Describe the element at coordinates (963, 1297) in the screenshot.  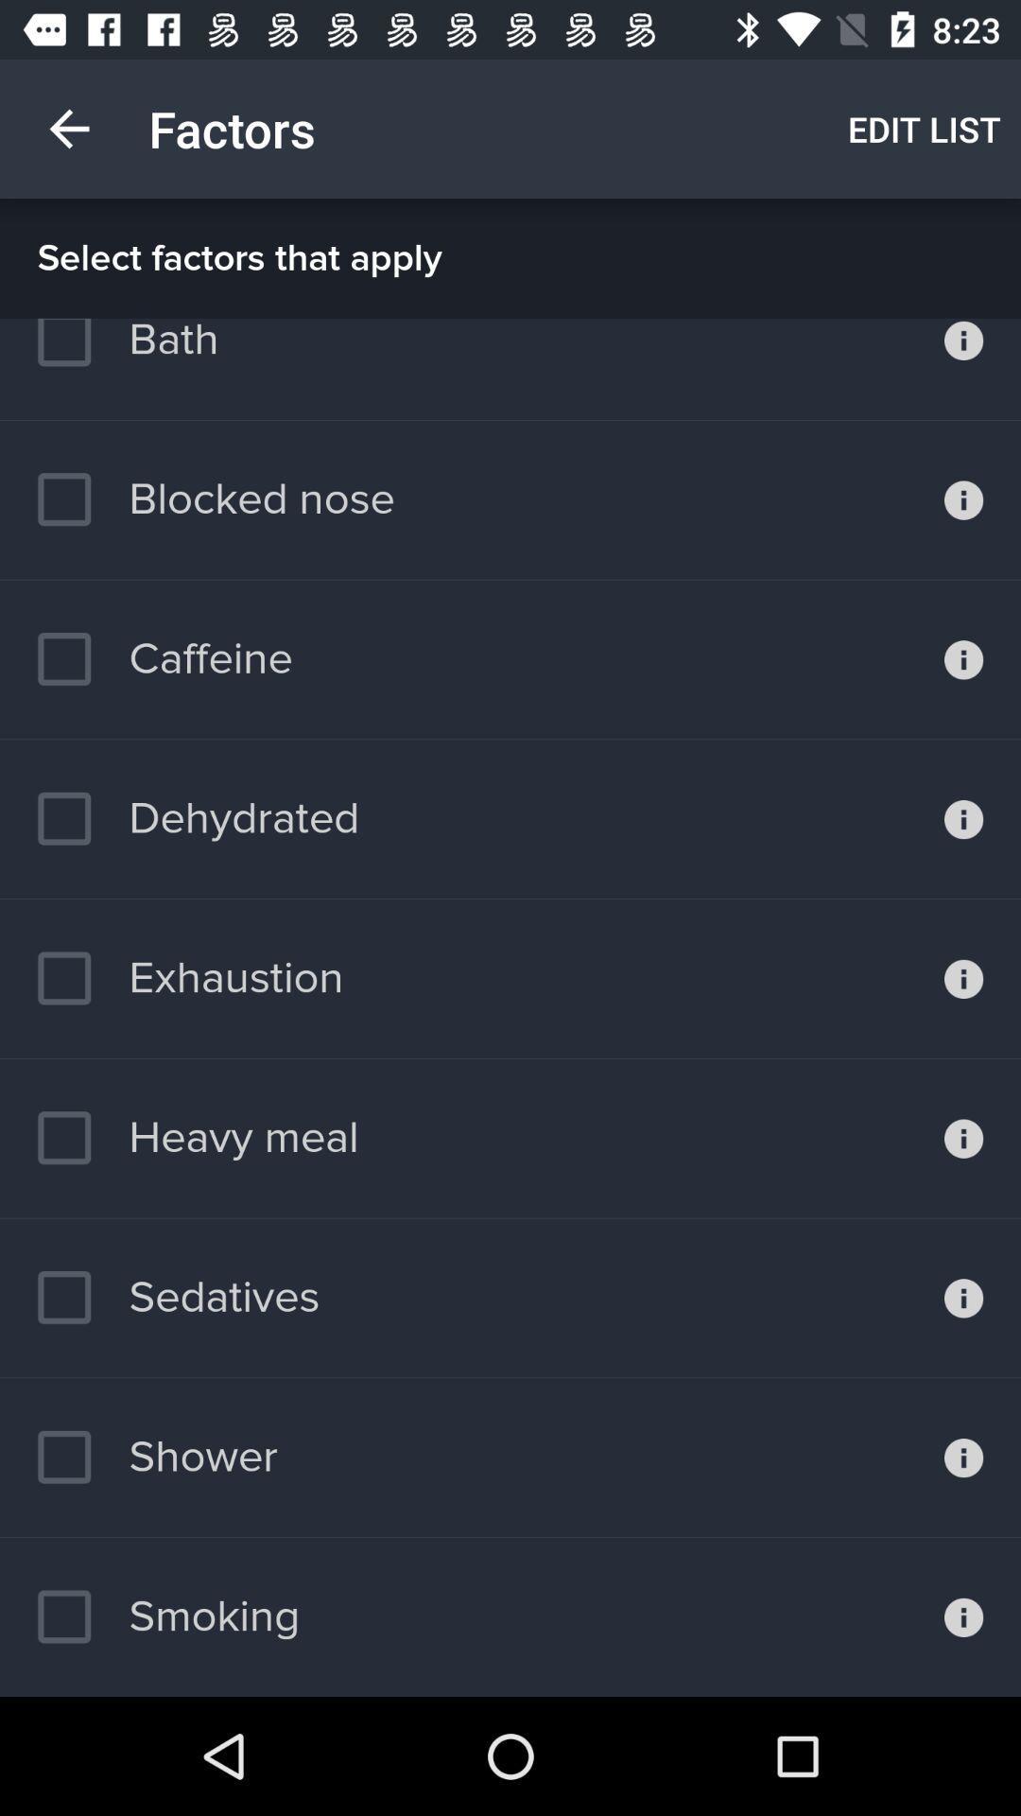
I see `open information on sedatives` at that location.